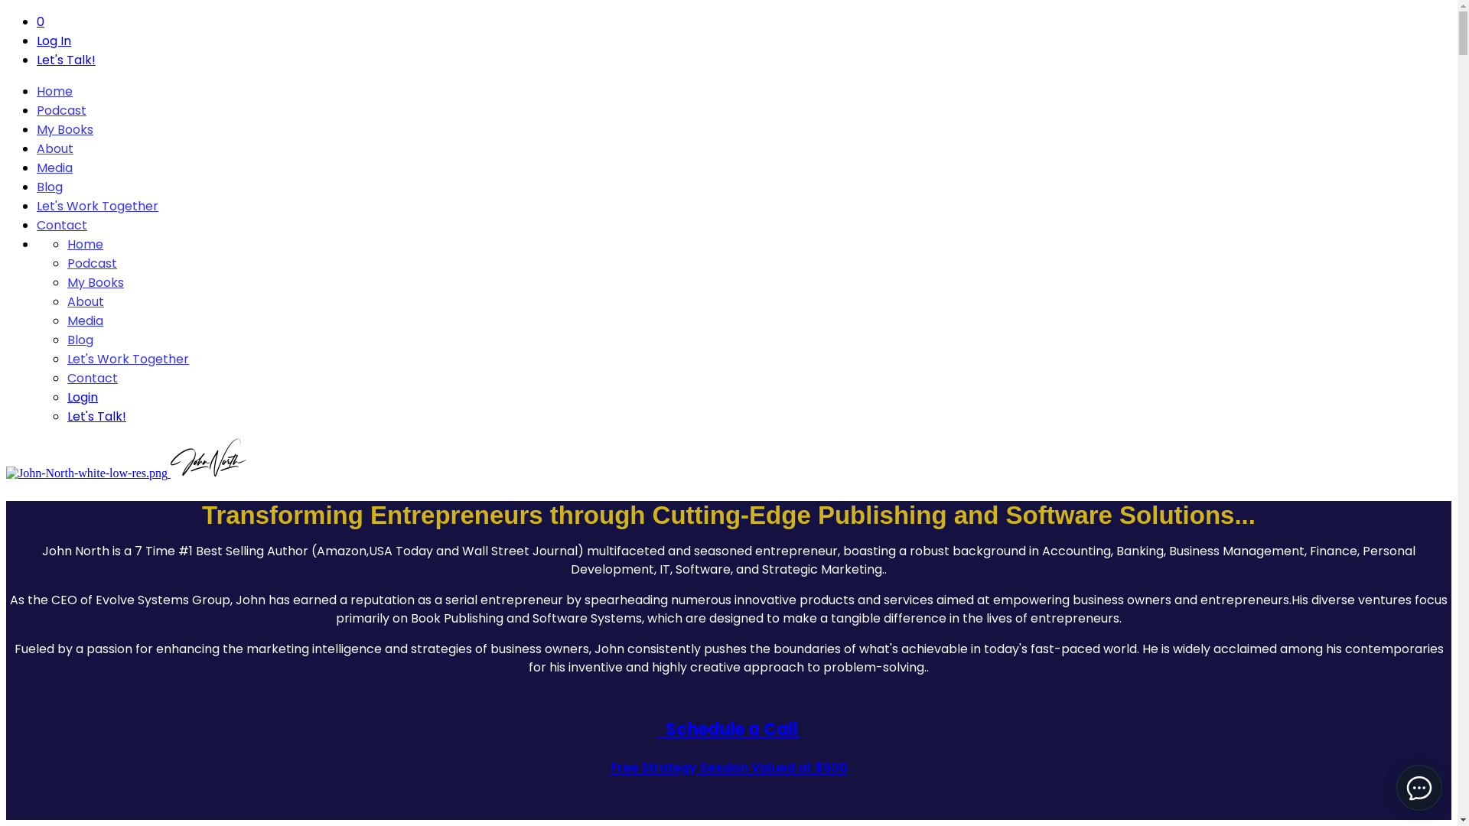  What do you see at coordinates (61, 109) in the screenshot?
I see `'Podcast'` at bounding box center [61, 109].